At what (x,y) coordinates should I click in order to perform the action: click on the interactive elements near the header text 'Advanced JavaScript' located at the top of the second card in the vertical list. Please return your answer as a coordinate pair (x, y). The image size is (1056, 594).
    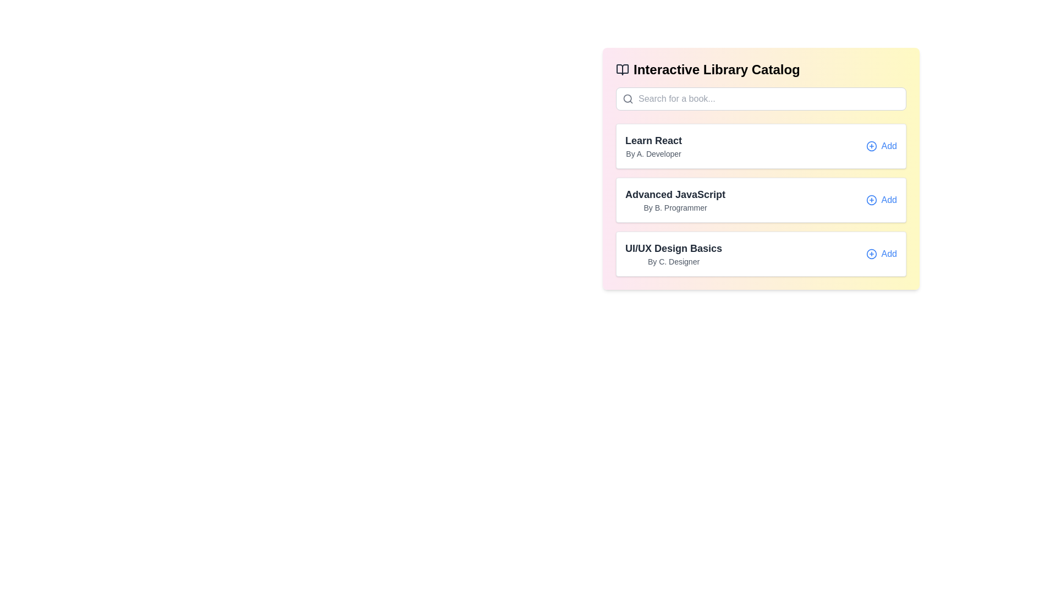
    Looking at the image, I should click on (675, 194).